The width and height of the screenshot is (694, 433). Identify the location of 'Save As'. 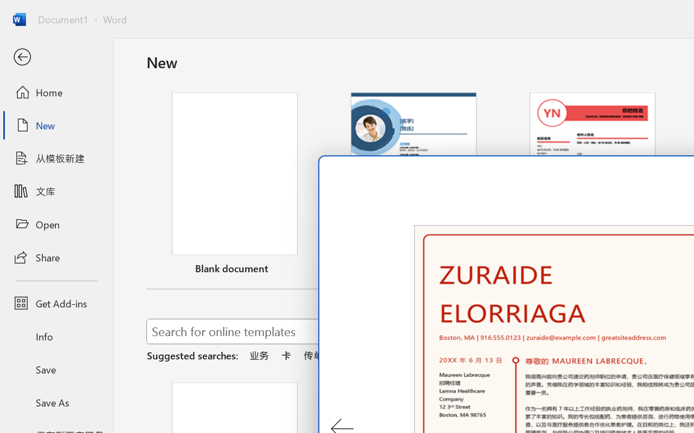
(56, 402).